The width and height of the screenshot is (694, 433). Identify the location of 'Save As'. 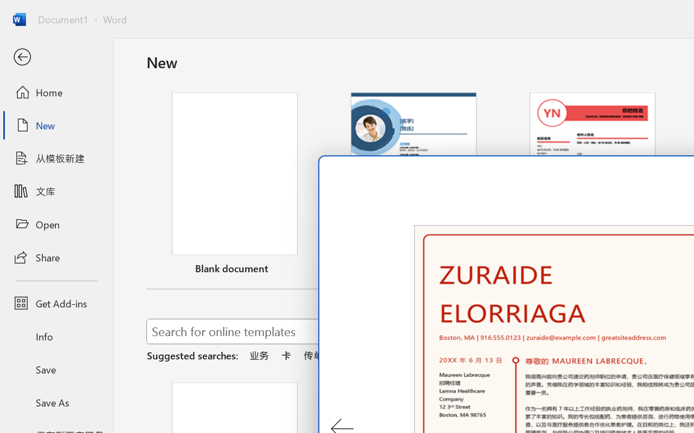
(56, 402).